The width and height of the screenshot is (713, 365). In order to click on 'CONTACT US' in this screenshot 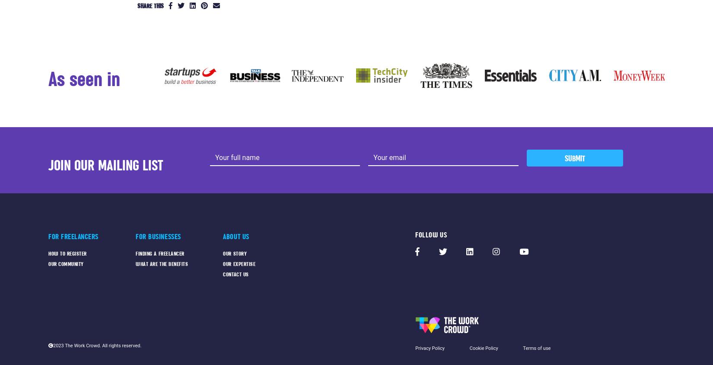, I will do `click(222, 274)`.